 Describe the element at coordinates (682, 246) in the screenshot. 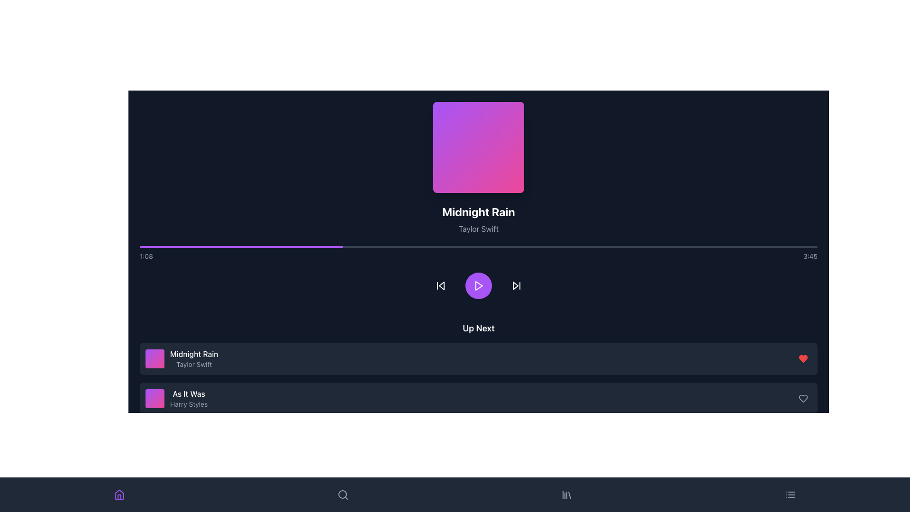

I see `the progress` at that location.